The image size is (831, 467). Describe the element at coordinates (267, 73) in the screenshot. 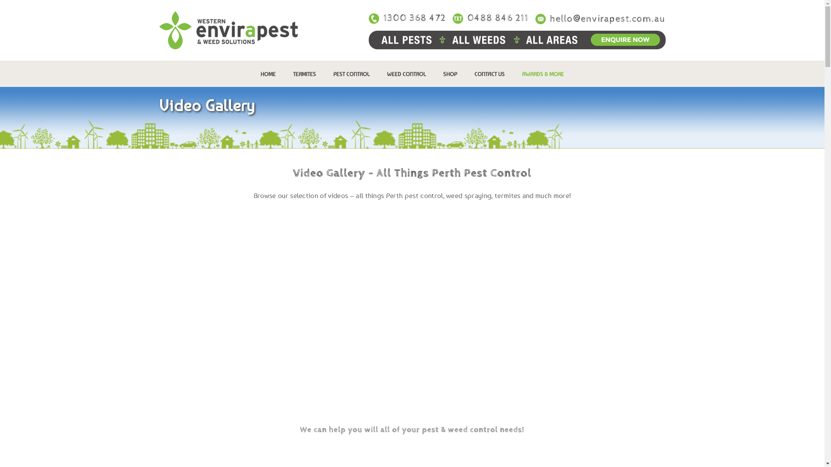

I see `'HOME'` at that location.